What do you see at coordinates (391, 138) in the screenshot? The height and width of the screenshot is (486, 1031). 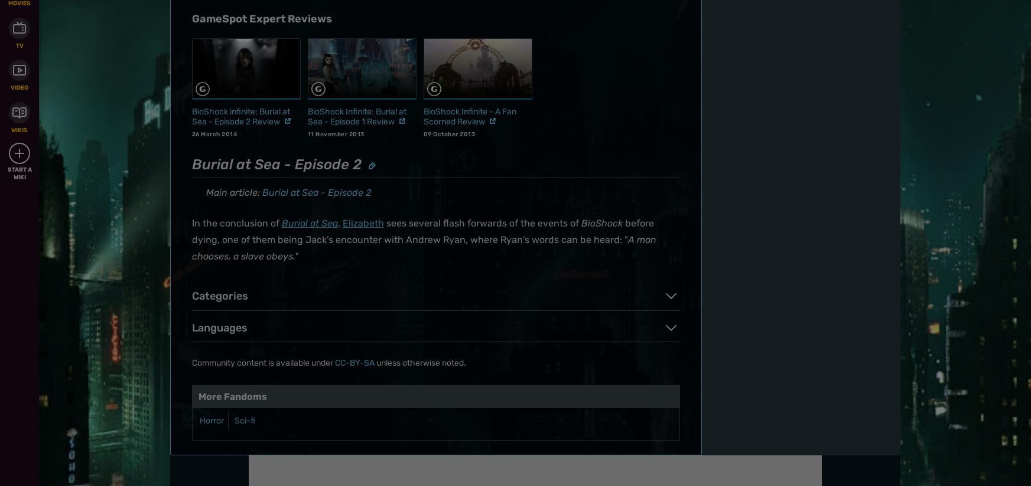 I see `'Global Sitemap'` at bounding box center [391, 138].